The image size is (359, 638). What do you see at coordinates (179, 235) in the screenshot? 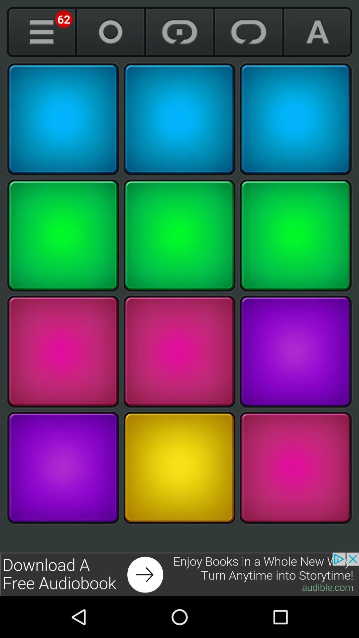
I see `make beat` at bounding box center [179, 235].